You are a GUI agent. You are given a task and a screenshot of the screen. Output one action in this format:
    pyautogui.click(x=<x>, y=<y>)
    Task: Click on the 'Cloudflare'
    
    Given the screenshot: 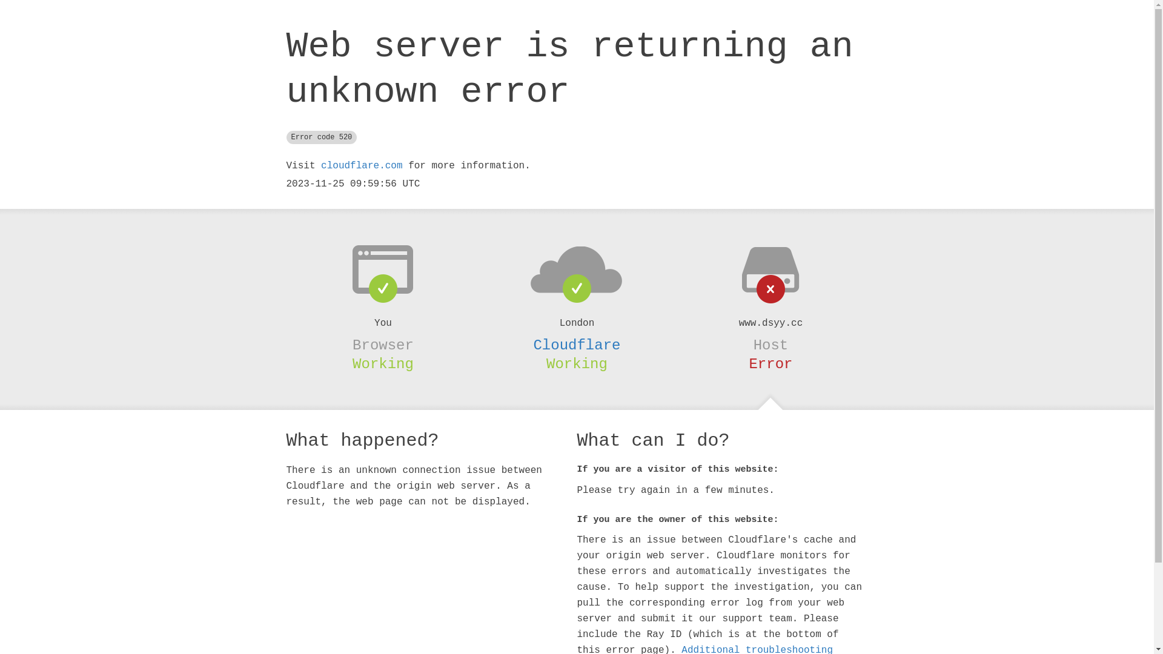 What is the action you would take?
    pyautogui.click(x=575, y=345)
    